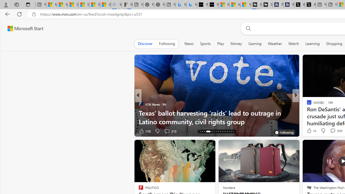 Image resolution: width=345 pixels, height=194 pixels. I want to click on 'View comments 96 Comment', so click(335, 131).